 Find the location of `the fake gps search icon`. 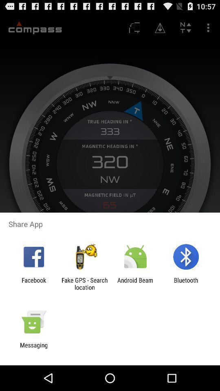

the fake gps search icon is located at coordinates (84, 283).